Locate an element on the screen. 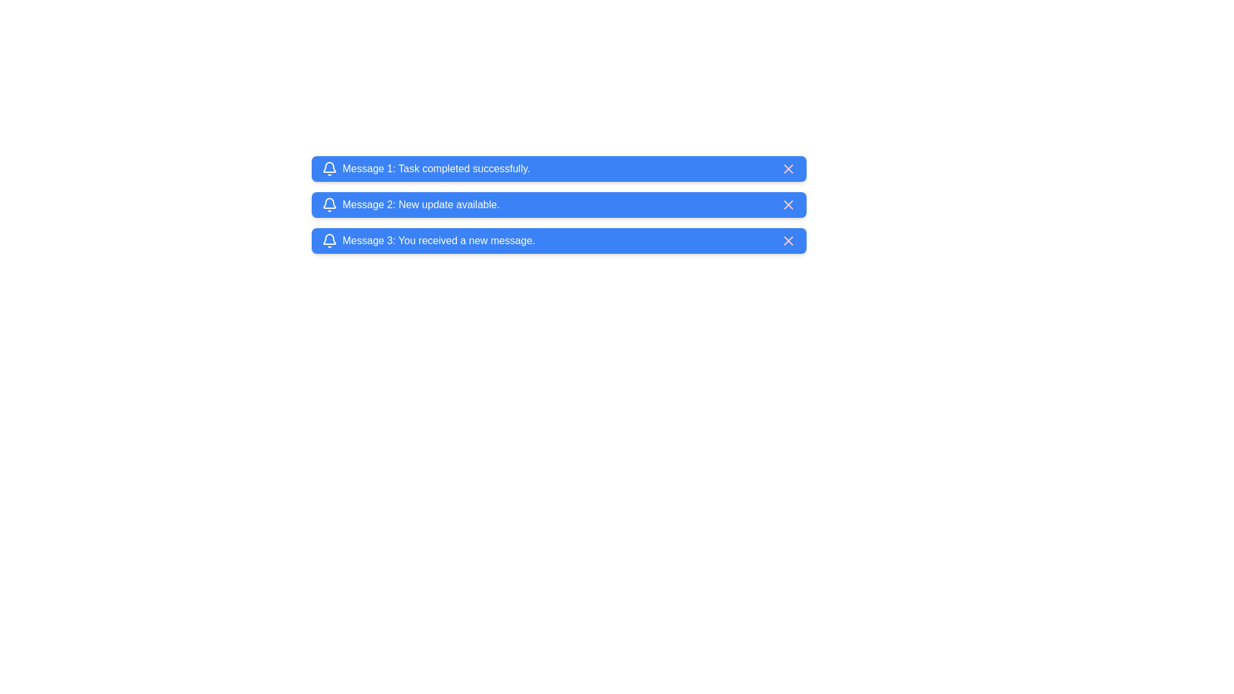 Image resolution: width=1234 pixels, height=694 pixels. the notification icon indicating a message type located to the left of the text in the third notification message labeled 'Message 3: You received a new message.' is located at coordinates (330, 240).